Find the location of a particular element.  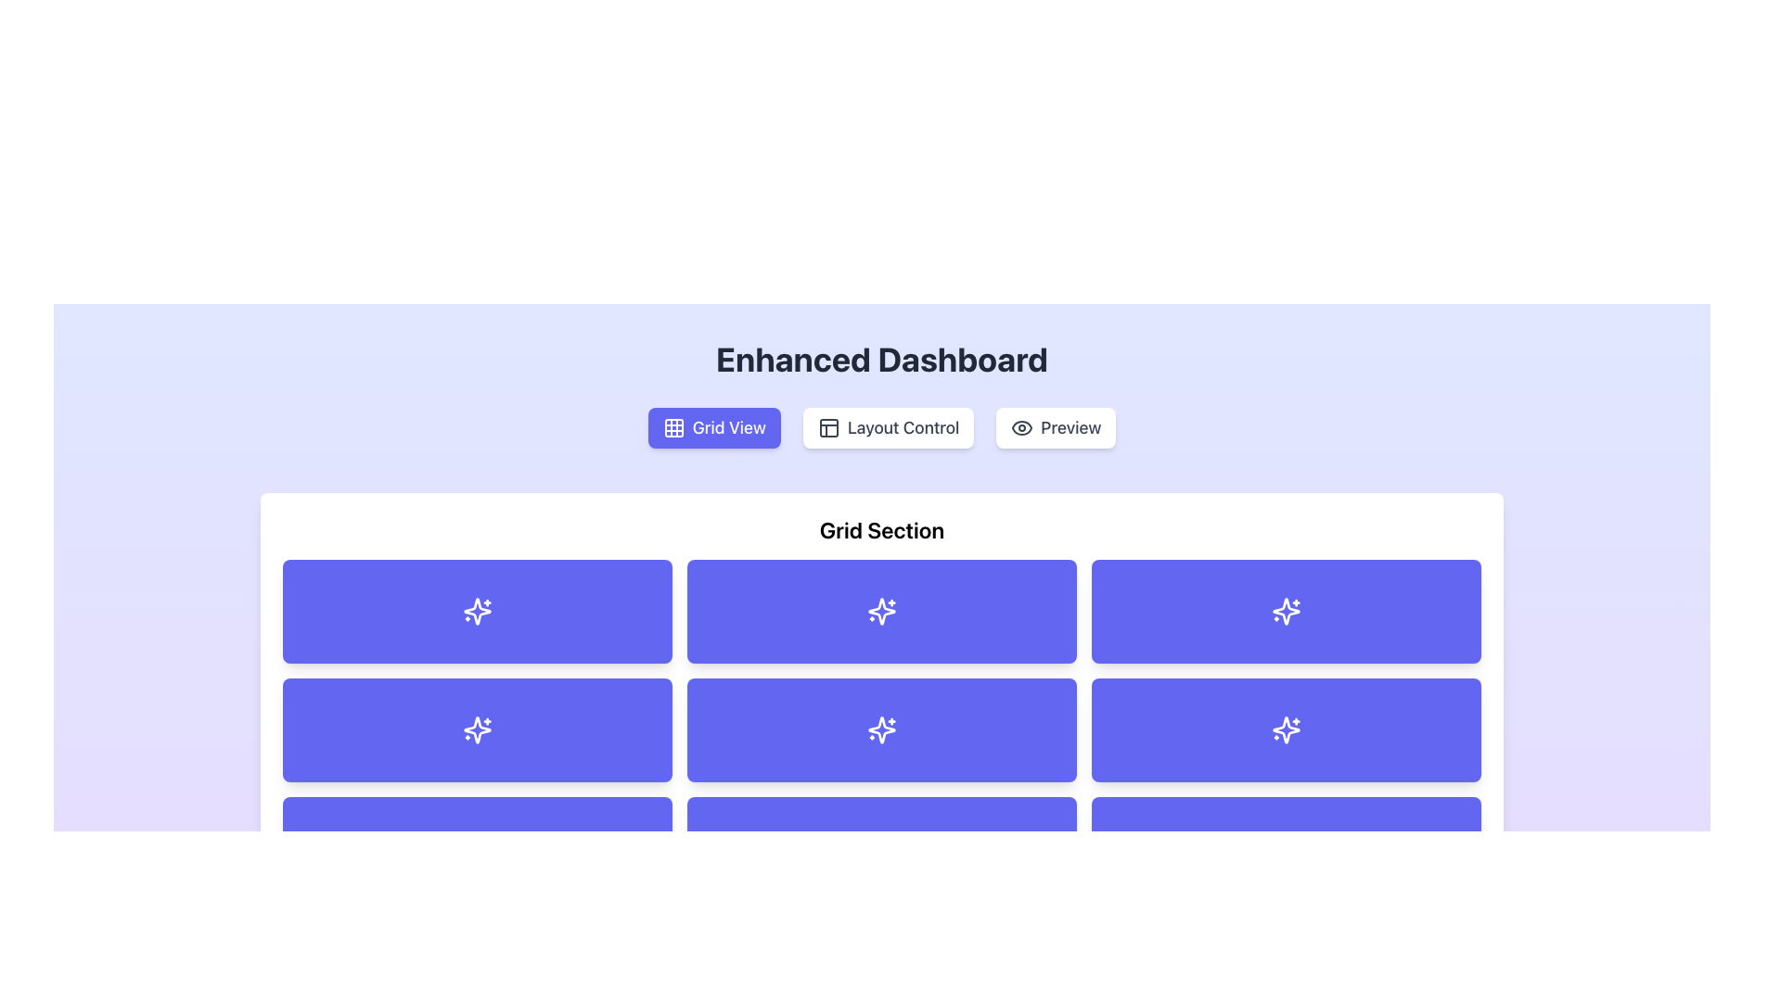

the decorative icon indicating highlights or special effects, located in the first grid cell of the 'Grid Section' is located at coordinates (478, 611).